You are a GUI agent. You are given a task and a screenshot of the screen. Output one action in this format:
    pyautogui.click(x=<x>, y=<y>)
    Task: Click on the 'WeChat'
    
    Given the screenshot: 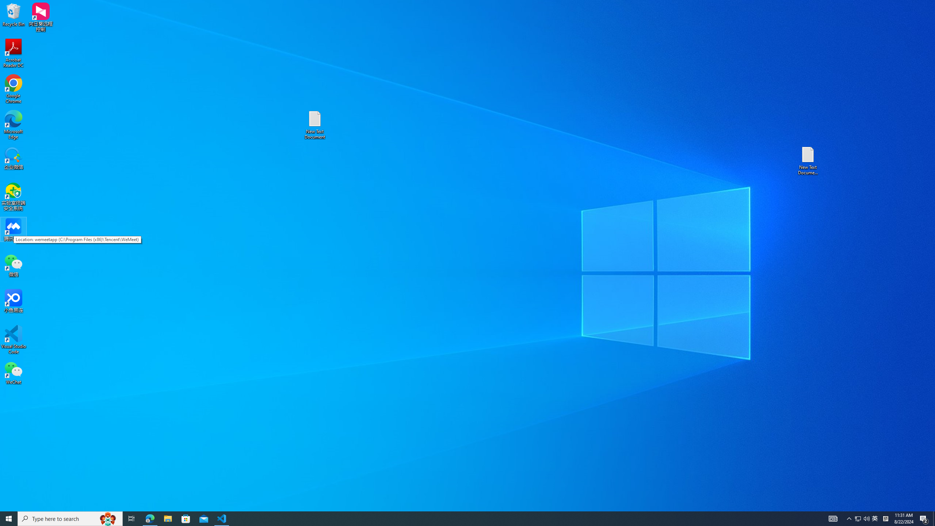 What is the action you would take?
    pyautogui.click(x=13, y=372)
    